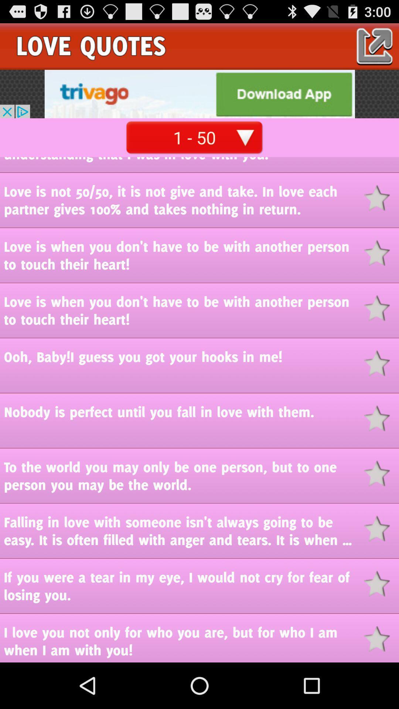 This screenshot has width=399, height=709. What do you see at coordinates (381, 308) in the screenshot?
I see `mark quote as favorite` at bounding box center [381, 308].